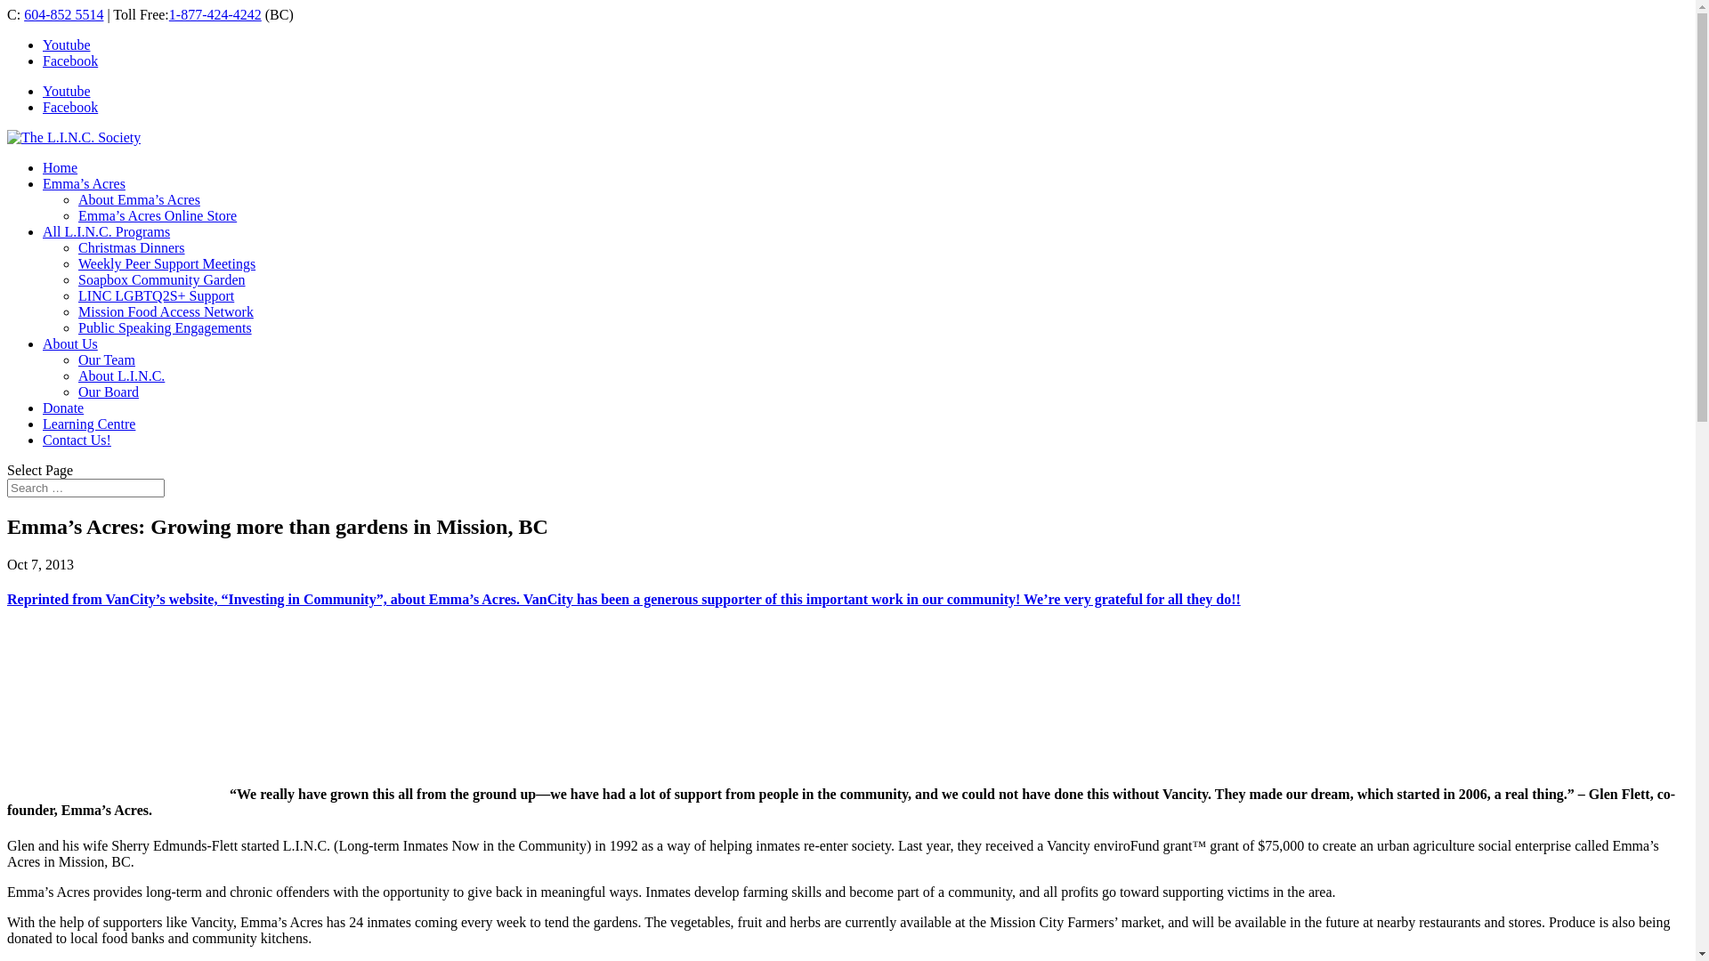  What do you see at coordinates (162, 279) in the screenshot?
I see `'Soapbox Community Garden'` at bounding box center [162, 279].